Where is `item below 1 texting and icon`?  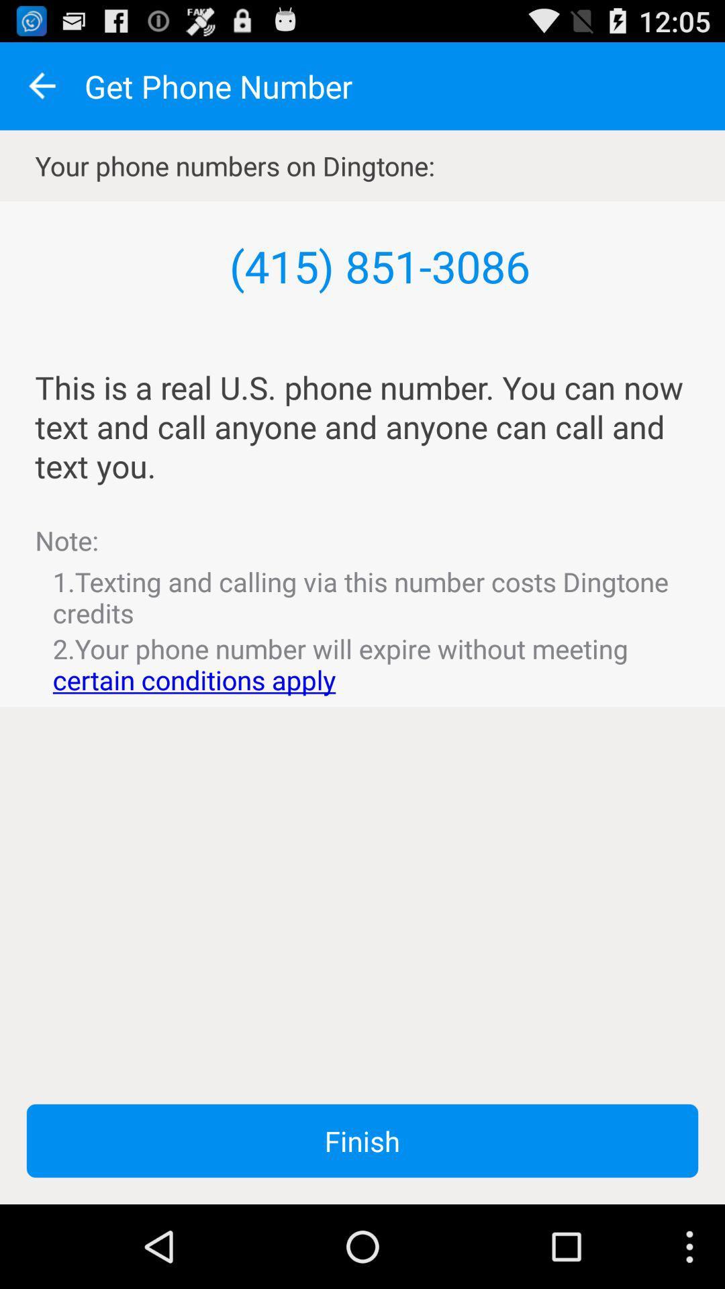
item below 1 texting and icon is located at coordinates (362, 664).